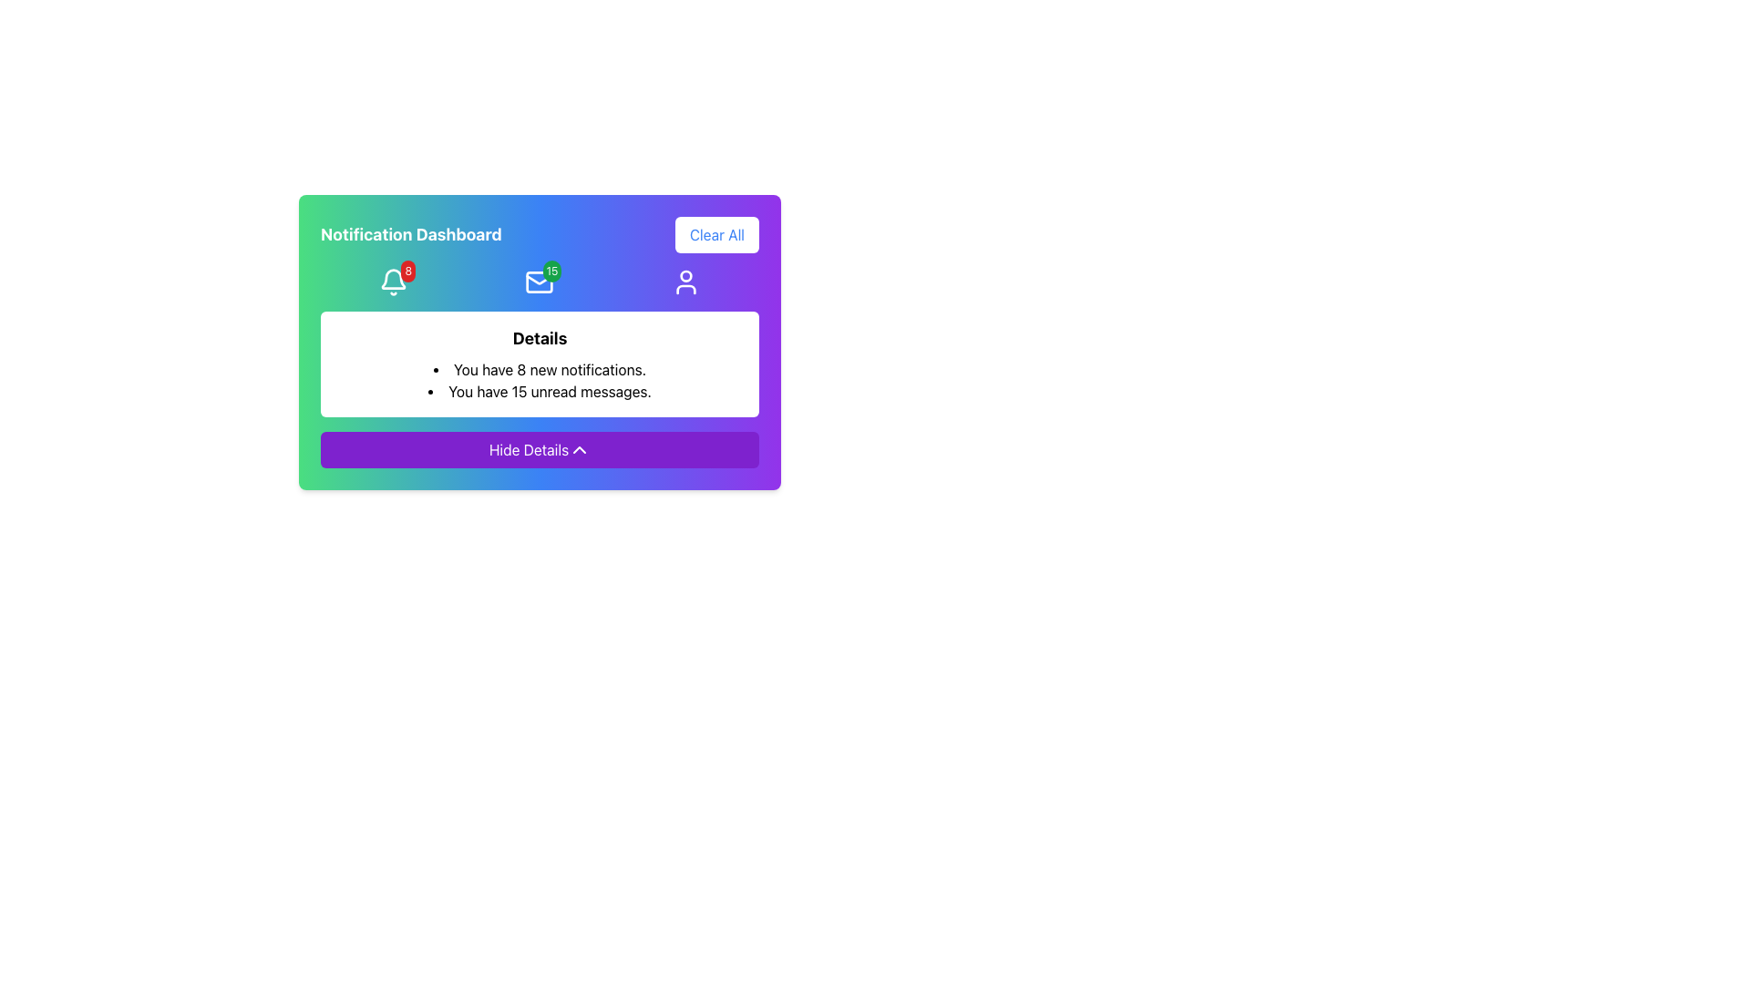  What do you see at coordinates (551, 271) in the screenshot?
I see `the text content of the small circular badge with a green background and white text '15' located at the top-right corner of the envelope icon in the notification dashboard` at bounding box center [551, 271].